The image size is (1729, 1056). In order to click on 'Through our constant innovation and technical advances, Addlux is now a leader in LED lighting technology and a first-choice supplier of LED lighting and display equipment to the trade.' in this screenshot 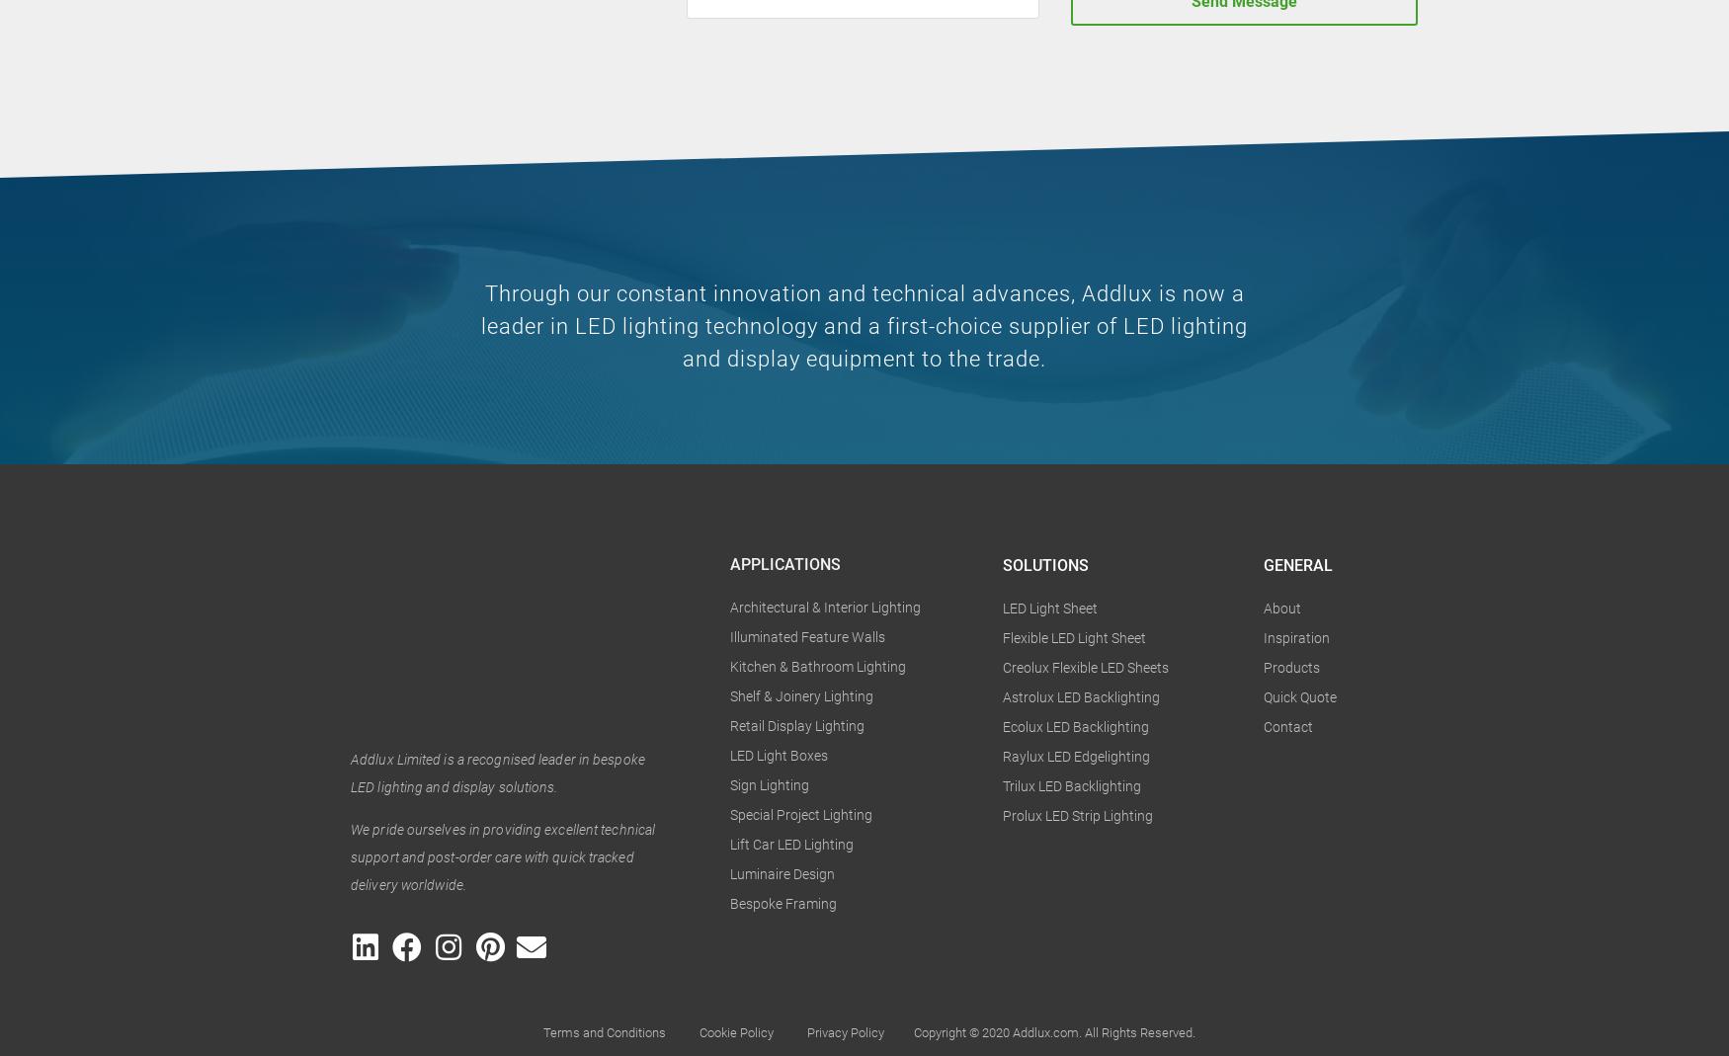, I will do `click(864, 326)`.